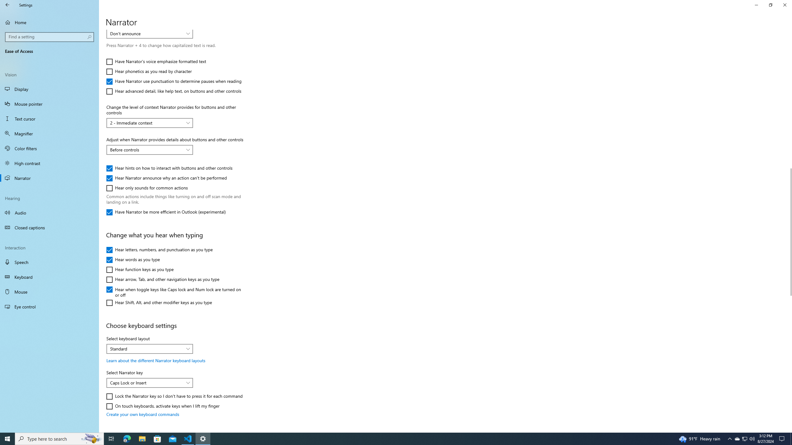 The image size is (792, 445). What do you see at coordinates (166, 212) in the screenshot?
I see `'Have Narrator be more efficient in Outlook (experimental)'` at bounding box center [166, 212].